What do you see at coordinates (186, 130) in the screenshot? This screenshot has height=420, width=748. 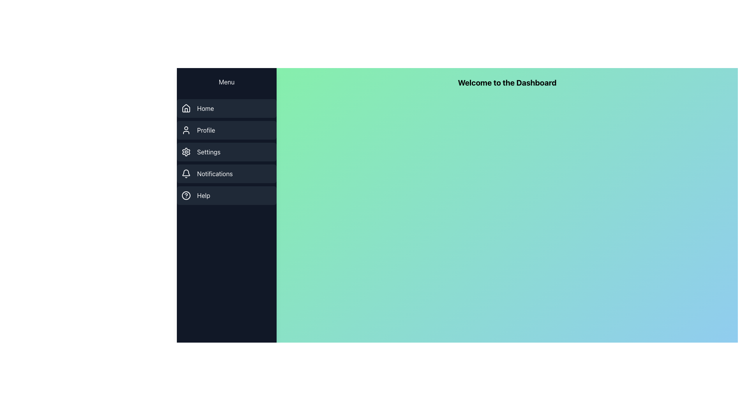 I see `the user icon outlined in gray, located to the left of the 'Profile' text in the vertical navigation menu` at bounding box center [186, 130].